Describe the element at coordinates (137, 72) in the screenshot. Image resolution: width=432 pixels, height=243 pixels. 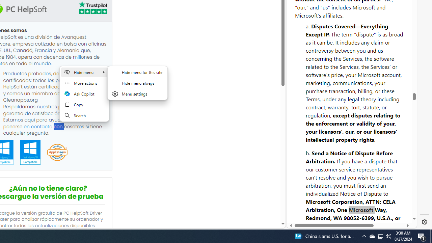
I see `'Hide menu for this site'` at that location.